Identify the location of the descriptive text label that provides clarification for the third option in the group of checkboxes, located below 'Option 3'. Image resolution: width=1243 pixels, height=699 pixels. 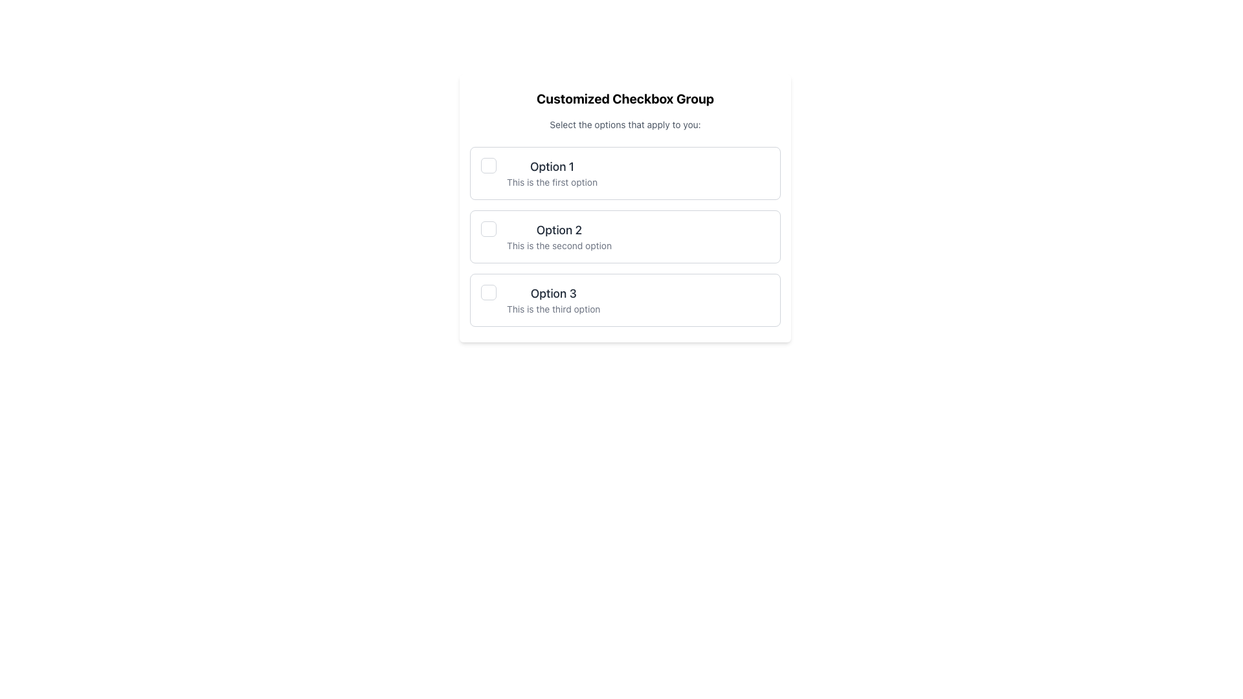
(554, 309).